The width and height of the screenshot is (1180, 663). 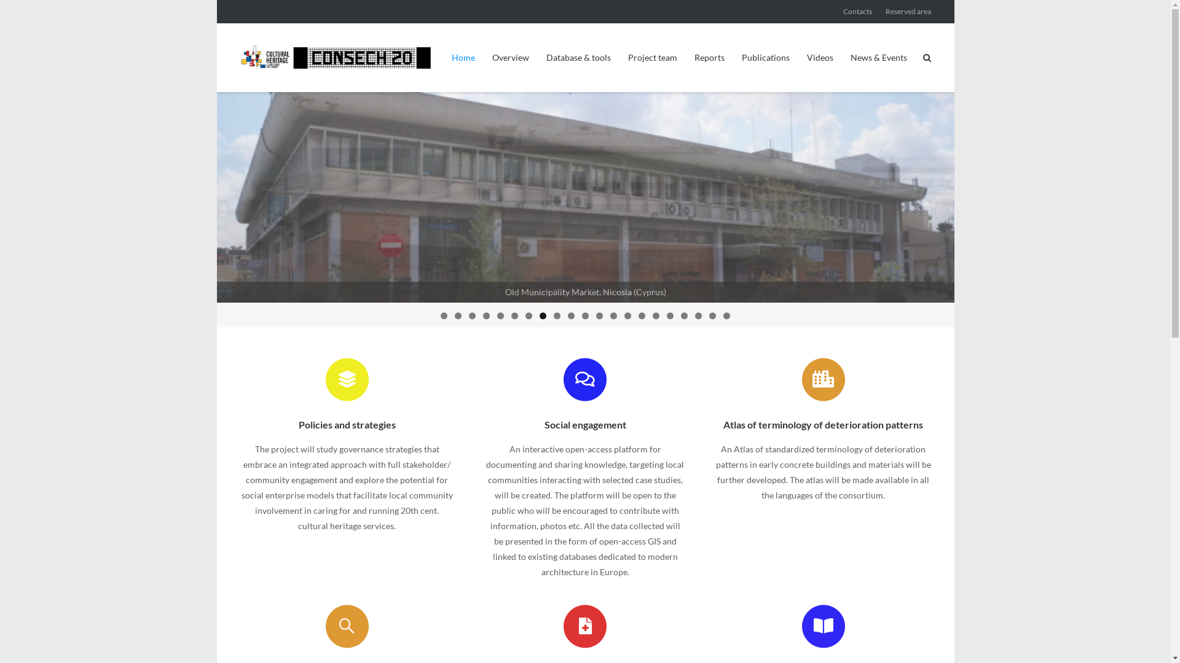 I want to click on '7', so click(x=529, y=315).